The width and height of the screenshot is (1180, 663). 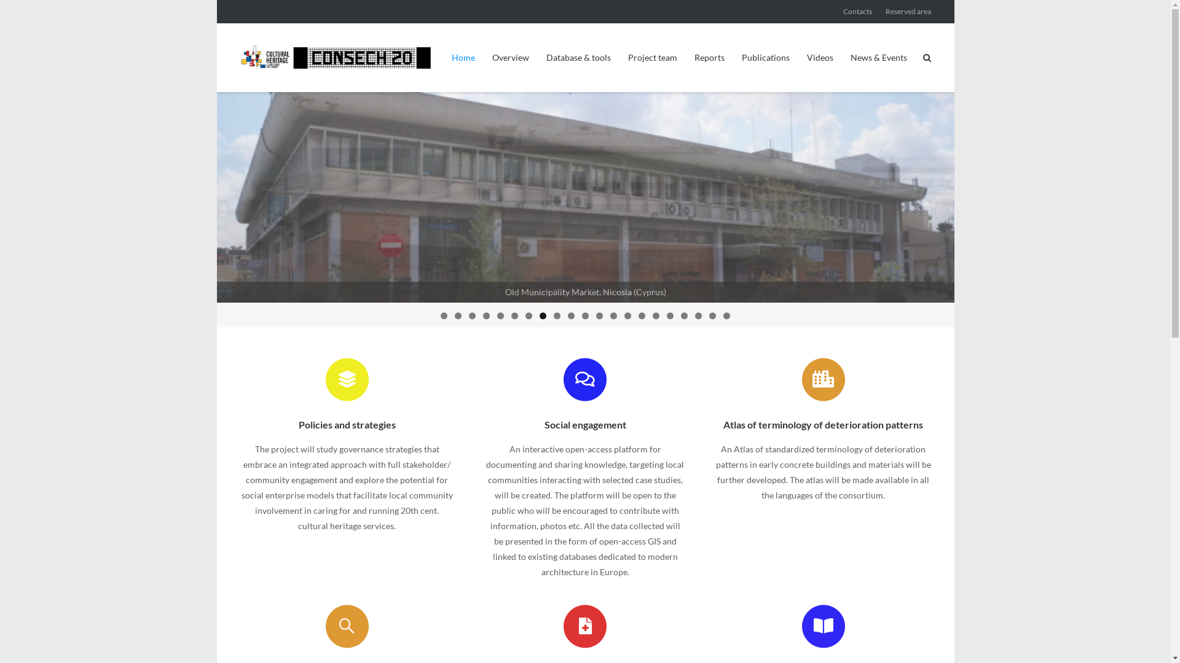 I want to click on '7', so click(x=529, y=315).